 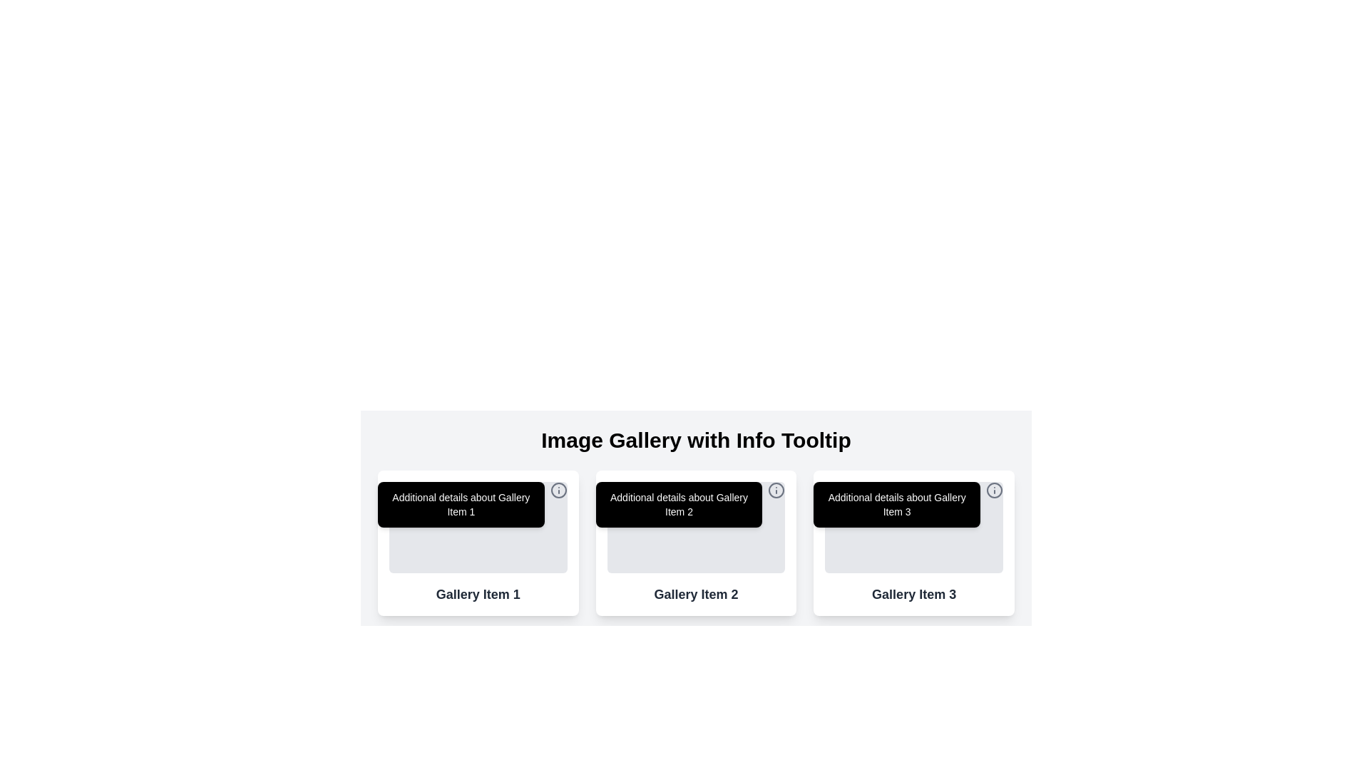 I want to click on the 'Gallery Item 3' text label that is styled in bold dark gray and located beneath a placeholder image on the rightmost card of the gallery, so click(x=914, y=594).